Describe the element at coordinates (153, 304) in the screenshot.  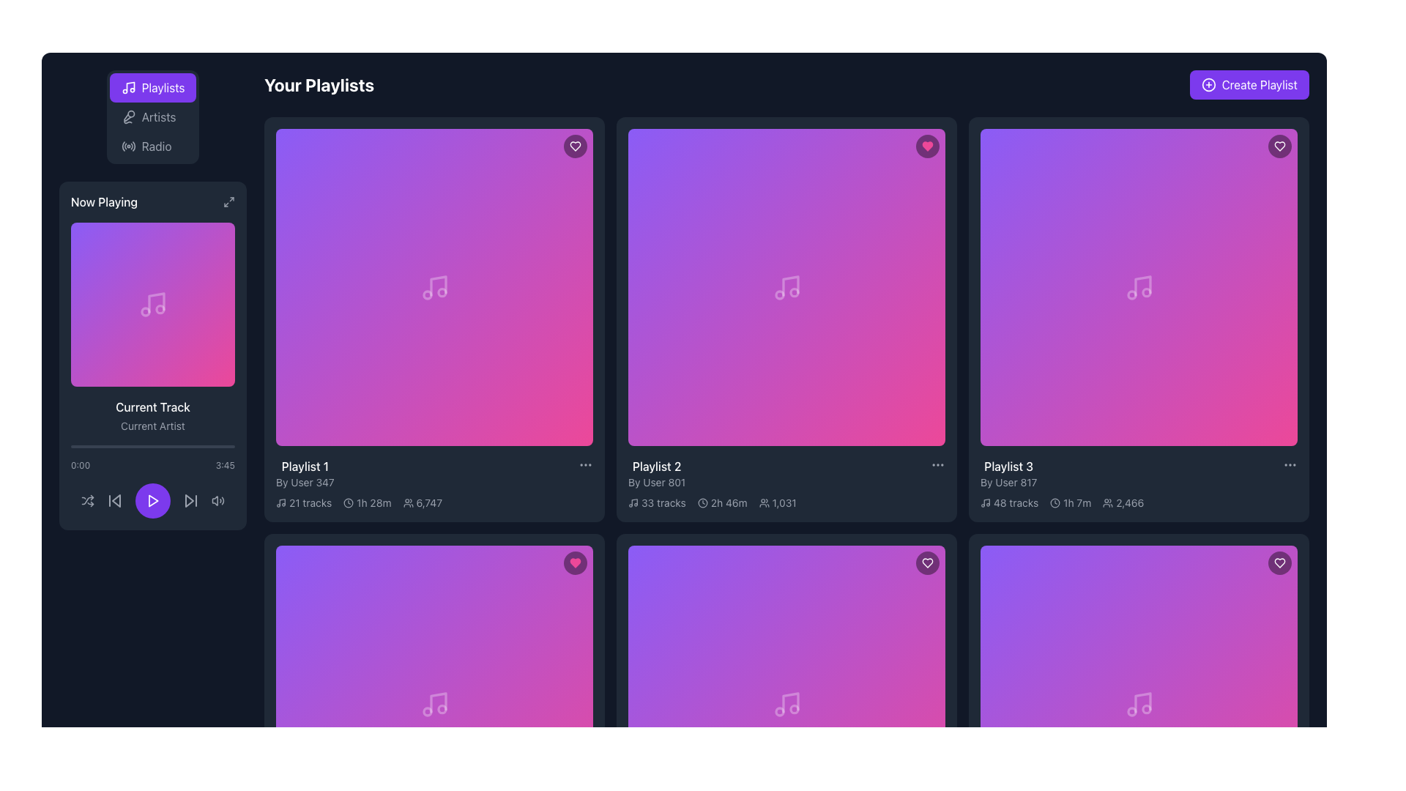
I see `the music playback icon located in the 'Now Playing' section, positioned centrally within a gradient square, to gather static information about the current song` at that location.